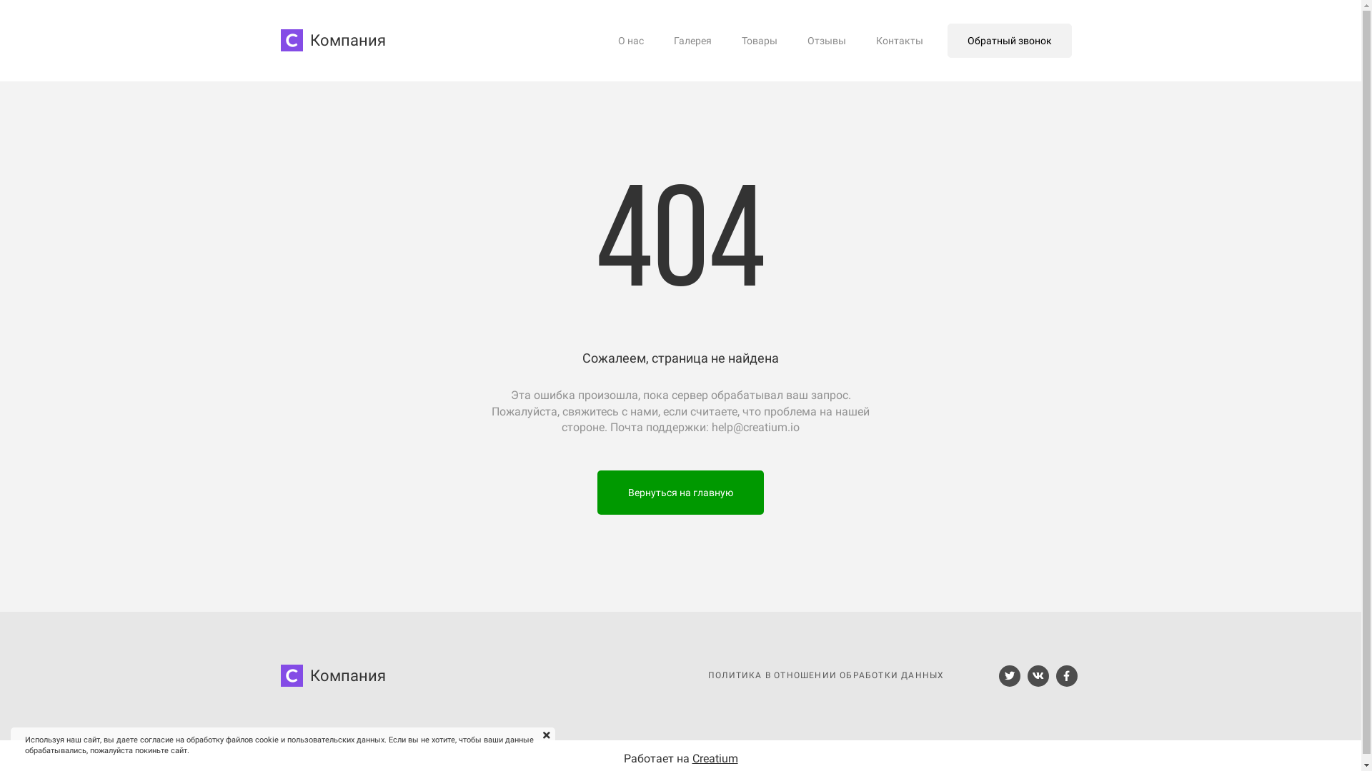  I want to click on 'Creatium', so click(714, 757).